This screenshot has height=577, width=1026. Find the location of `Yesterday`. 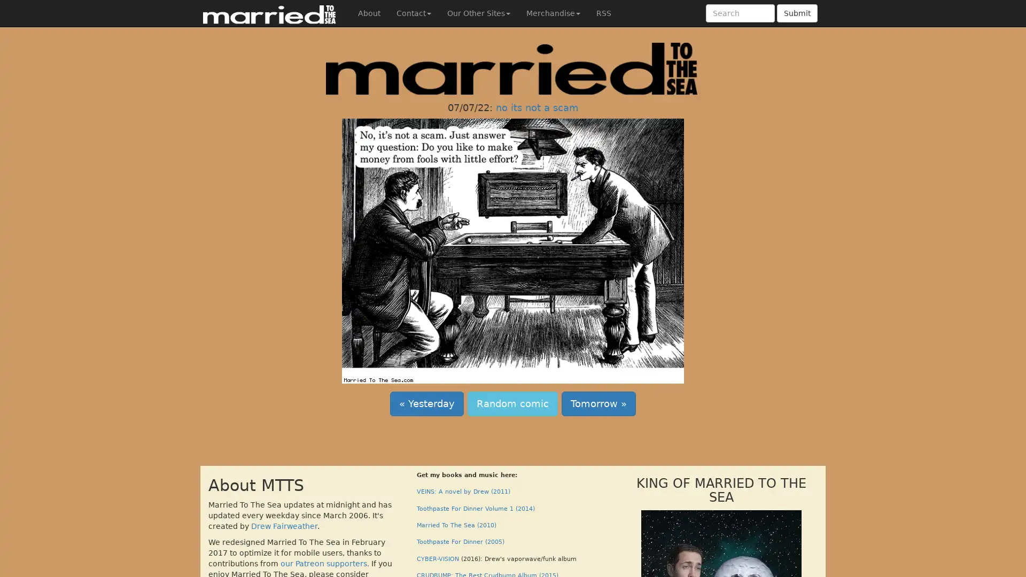

Yesterday is located at coordinates (426, 403).